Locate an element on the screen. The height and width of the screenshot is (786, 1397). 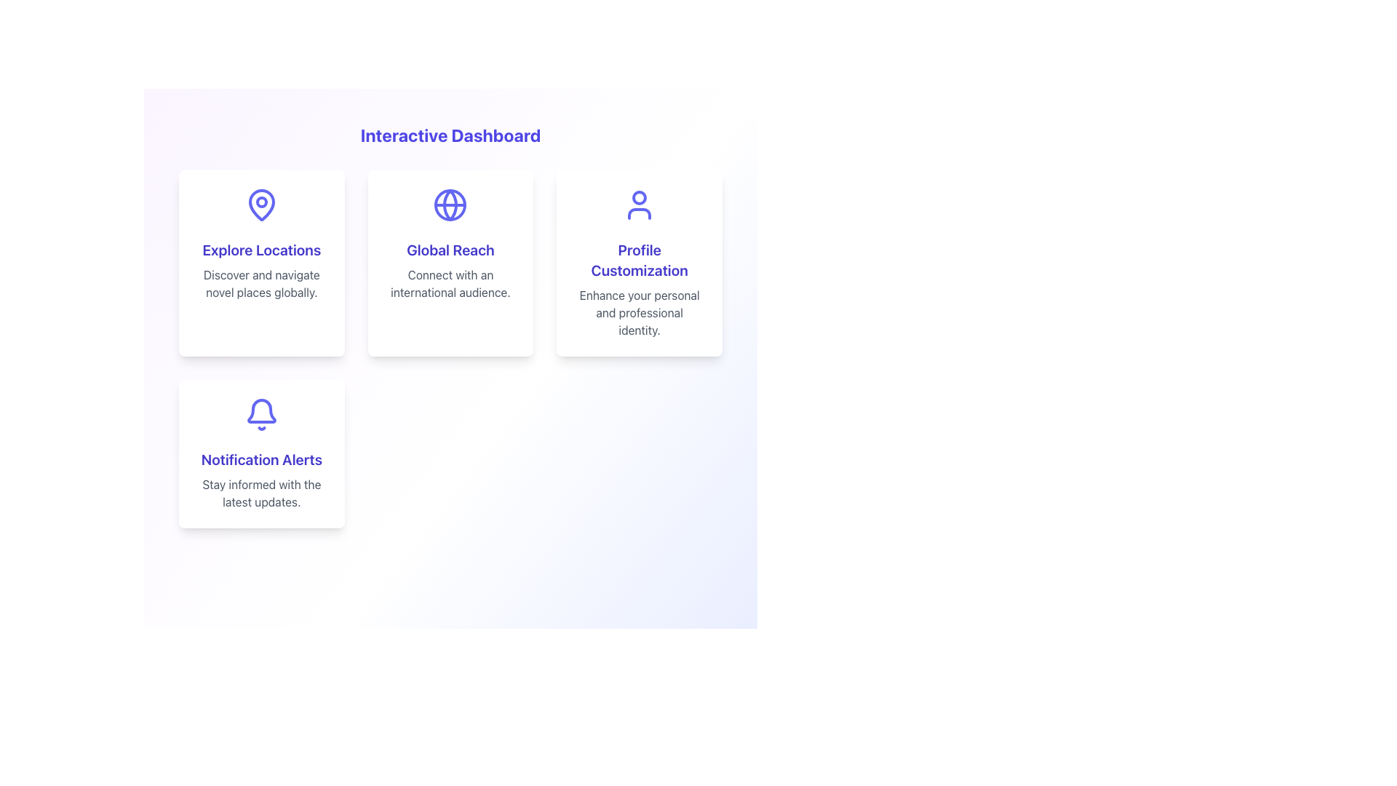
the indigo map pin icon located in the 'Explore Locations' card, which features a rounded base tapering to a point and a circular hollow in the center is located at coordinates (261, 205).